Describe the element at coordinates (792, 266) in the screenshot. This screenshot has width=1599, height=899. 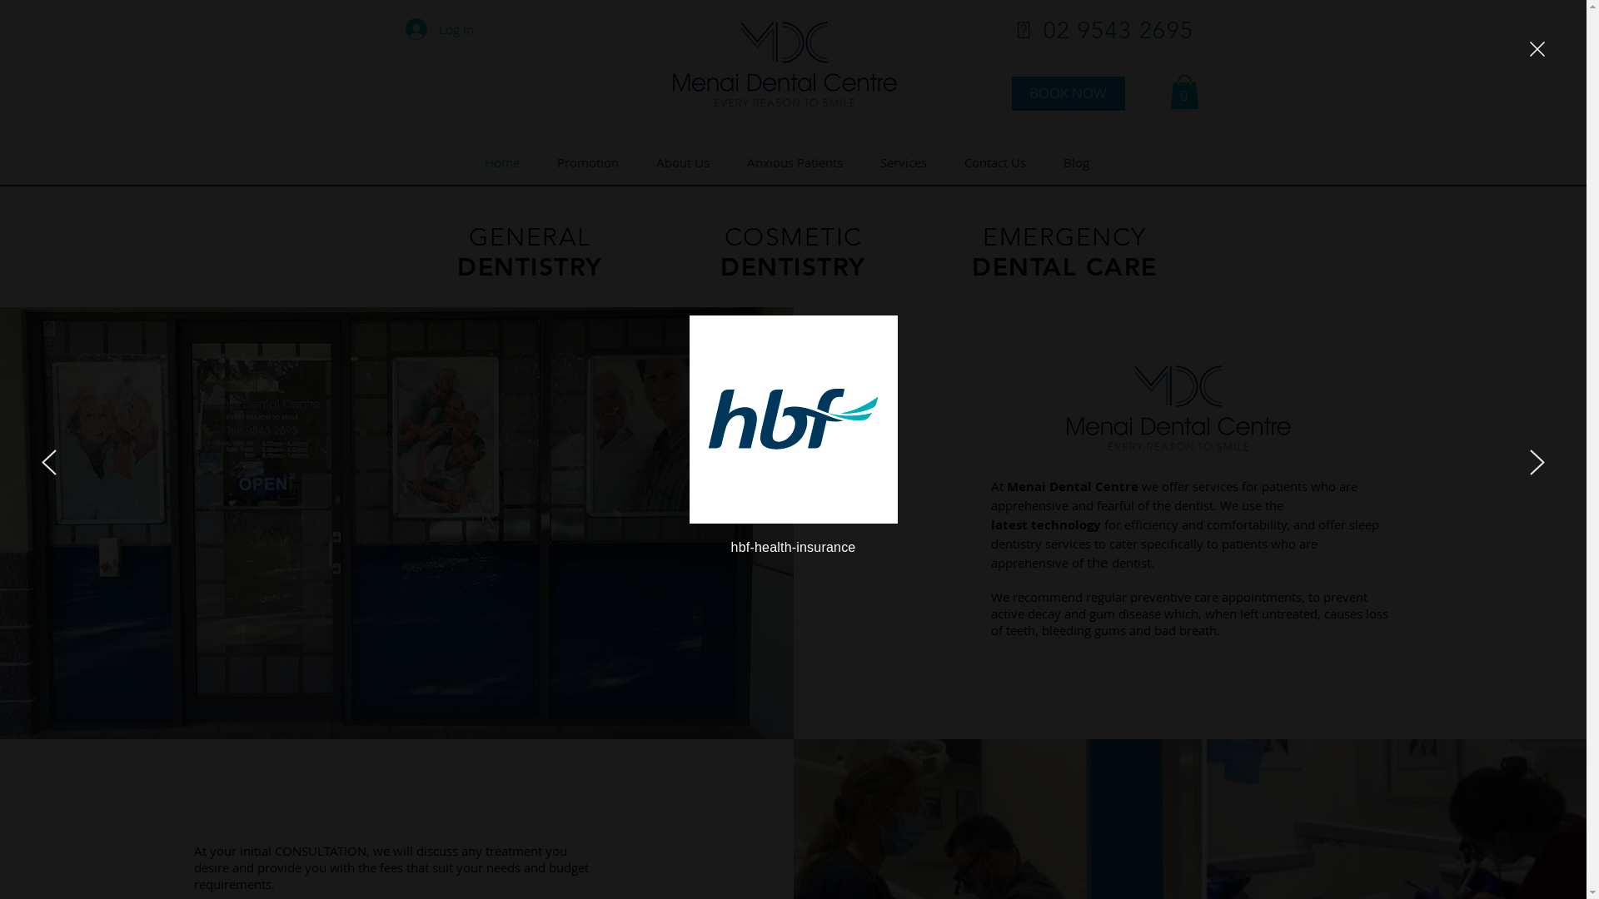
I see `'DENTISTRY'` at that location.